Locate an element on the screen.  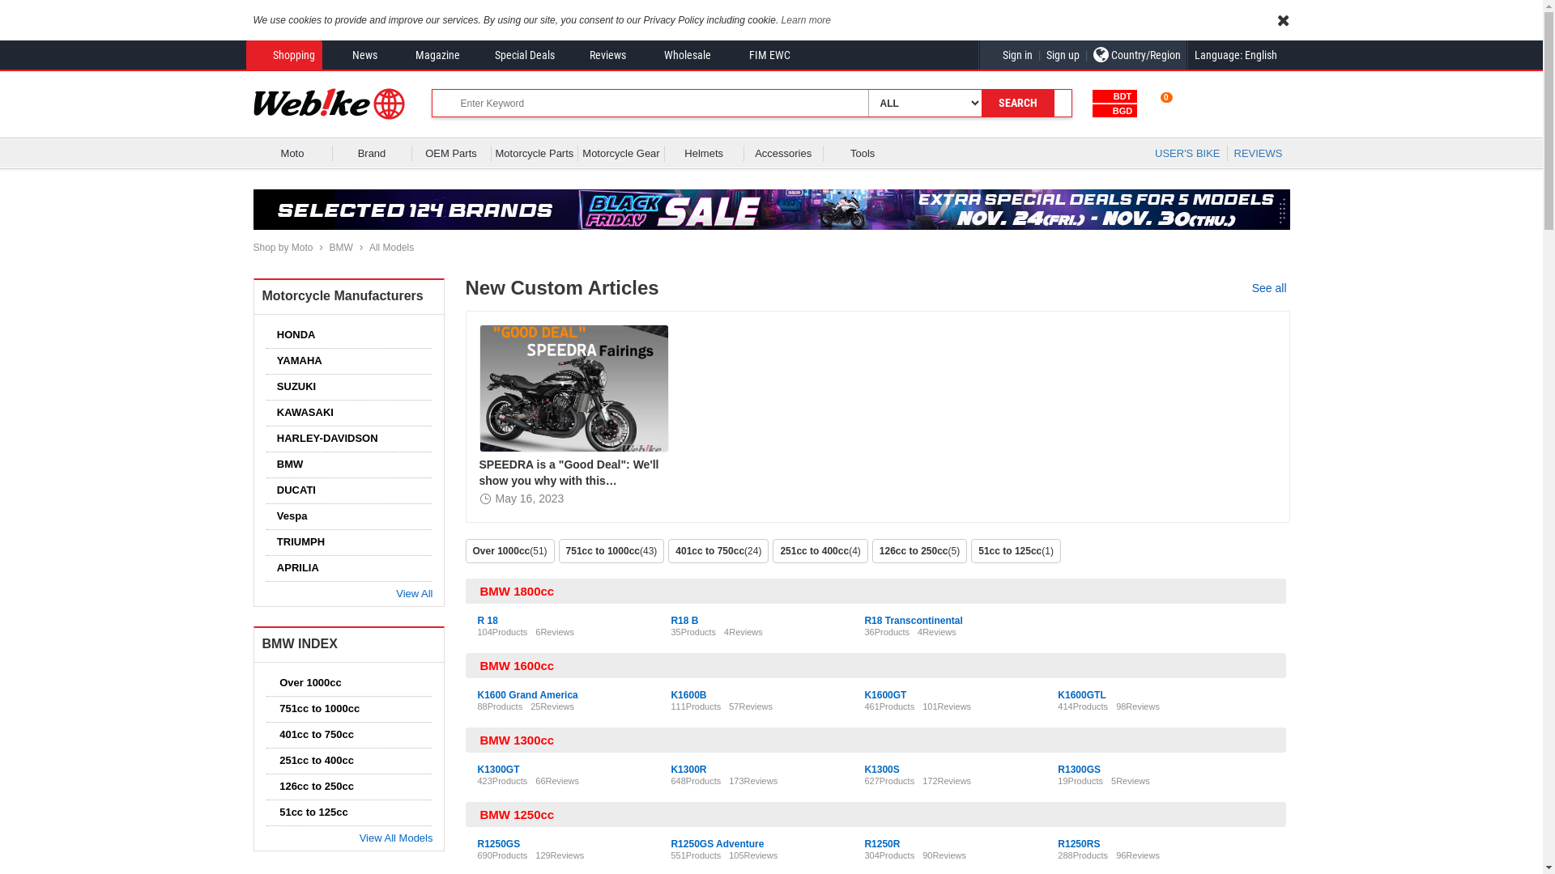
'251cc to 400cc(4)' is located at coordinates (821, 550).